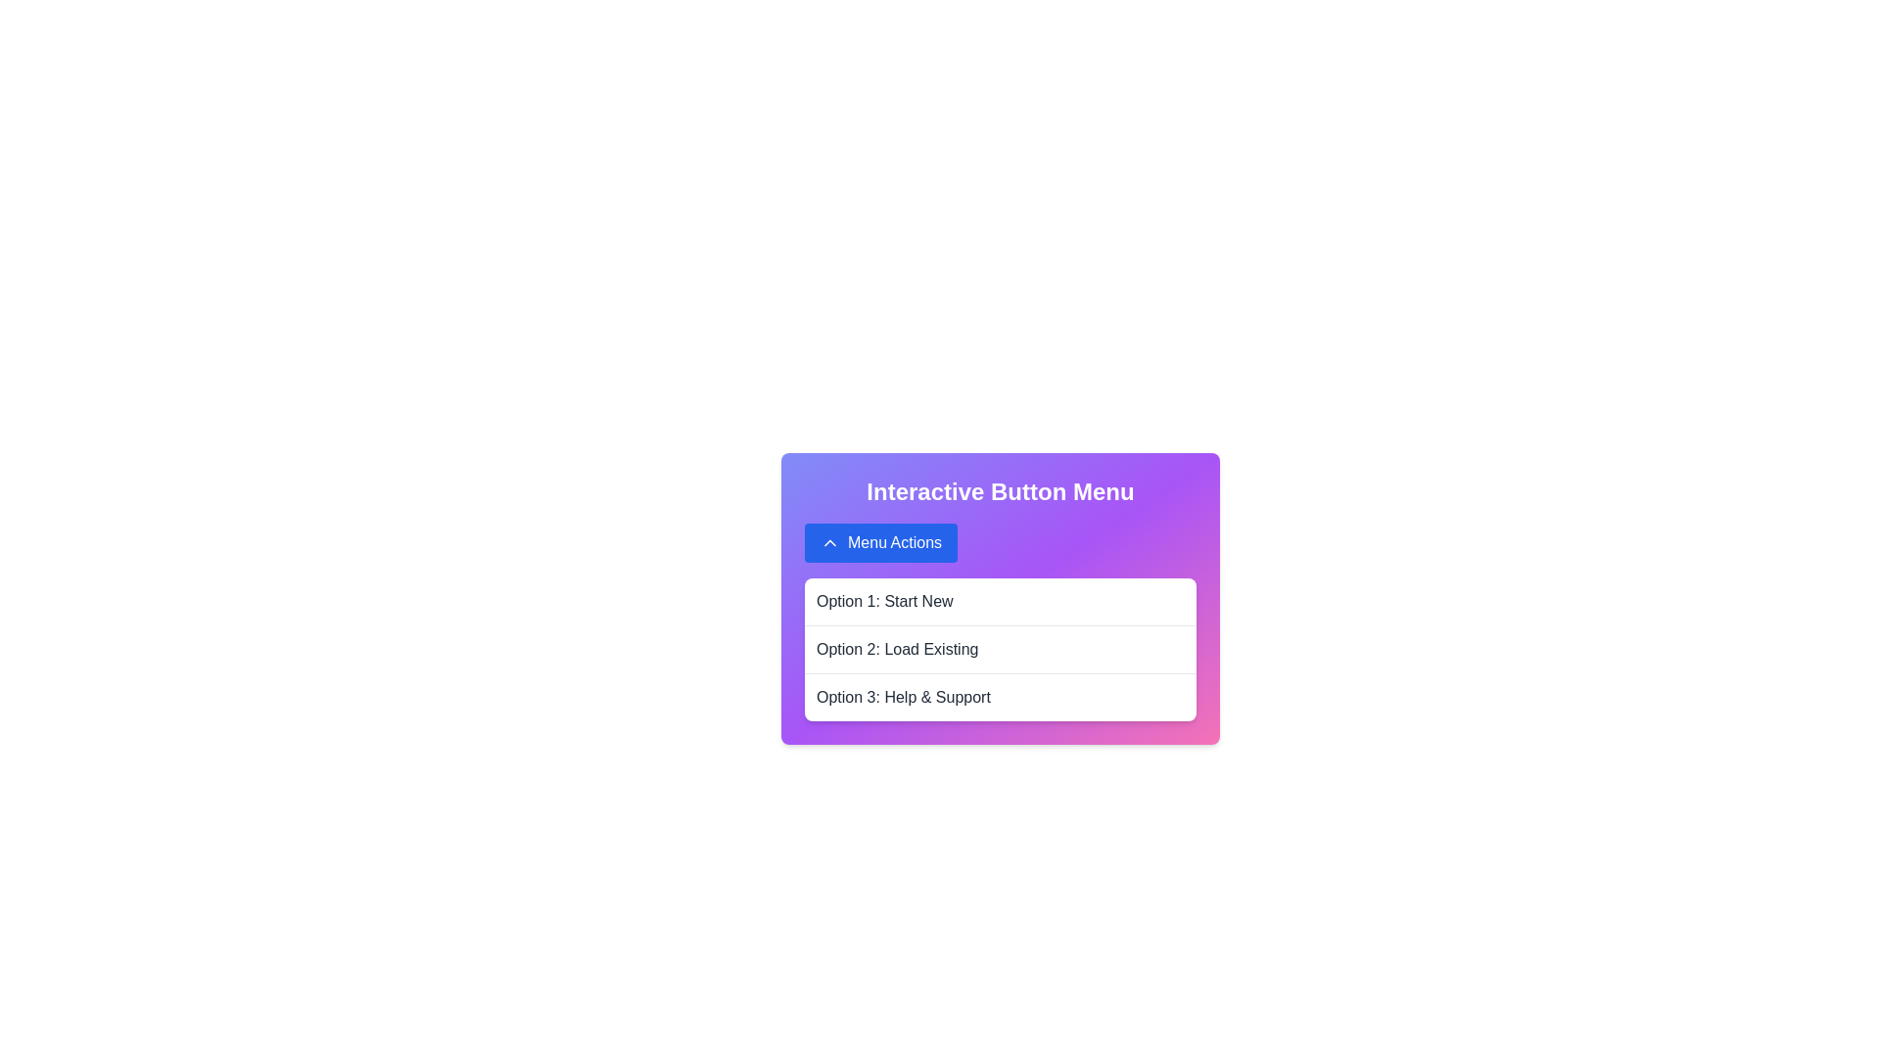 The width and height of the screenshot is (1880, 1057). What do you see at coordinates (1001, 649) in the screenshot?
I see `the second item in the vertically arranged list within the 'Interactive Button Menu'` at bounding box center [1001, 649].